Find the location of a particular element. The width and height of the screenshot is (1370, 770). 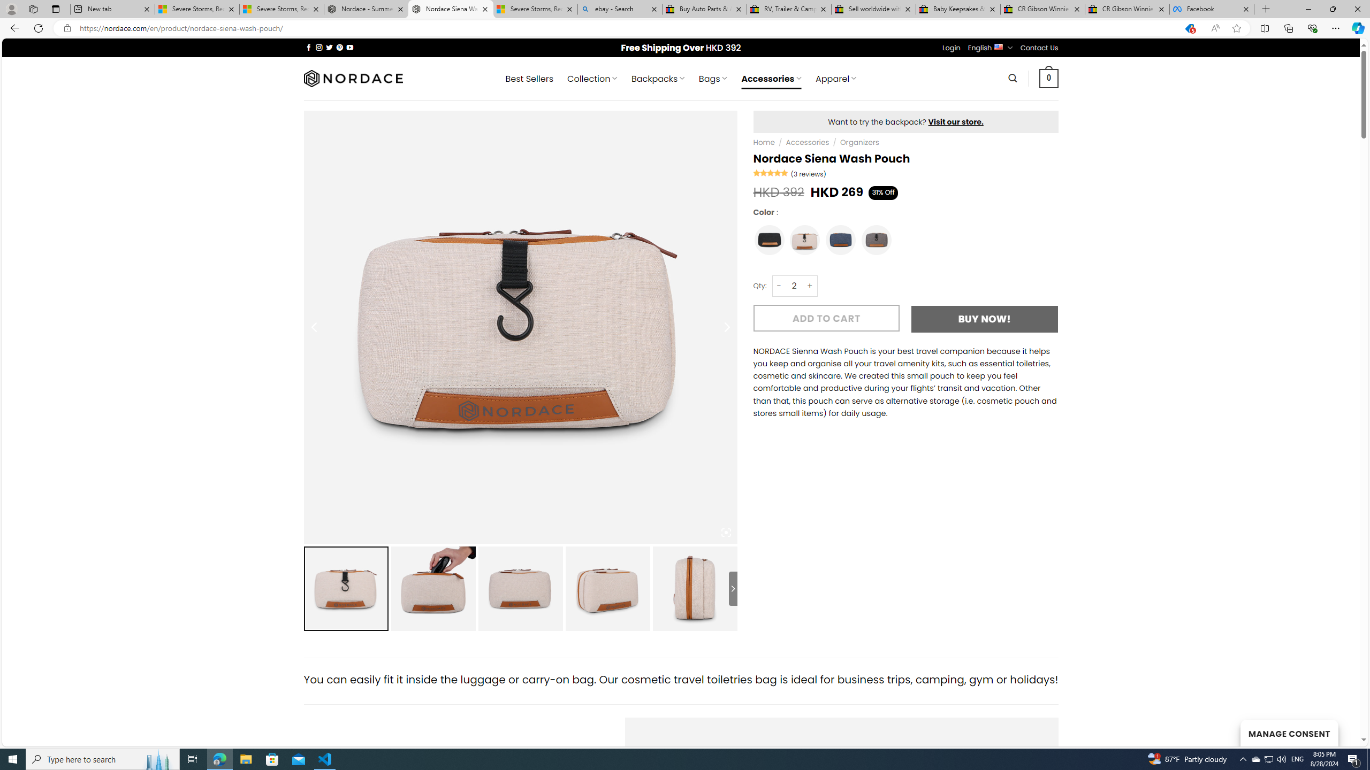

' 0 ' is located at coordinates (1049, 78).